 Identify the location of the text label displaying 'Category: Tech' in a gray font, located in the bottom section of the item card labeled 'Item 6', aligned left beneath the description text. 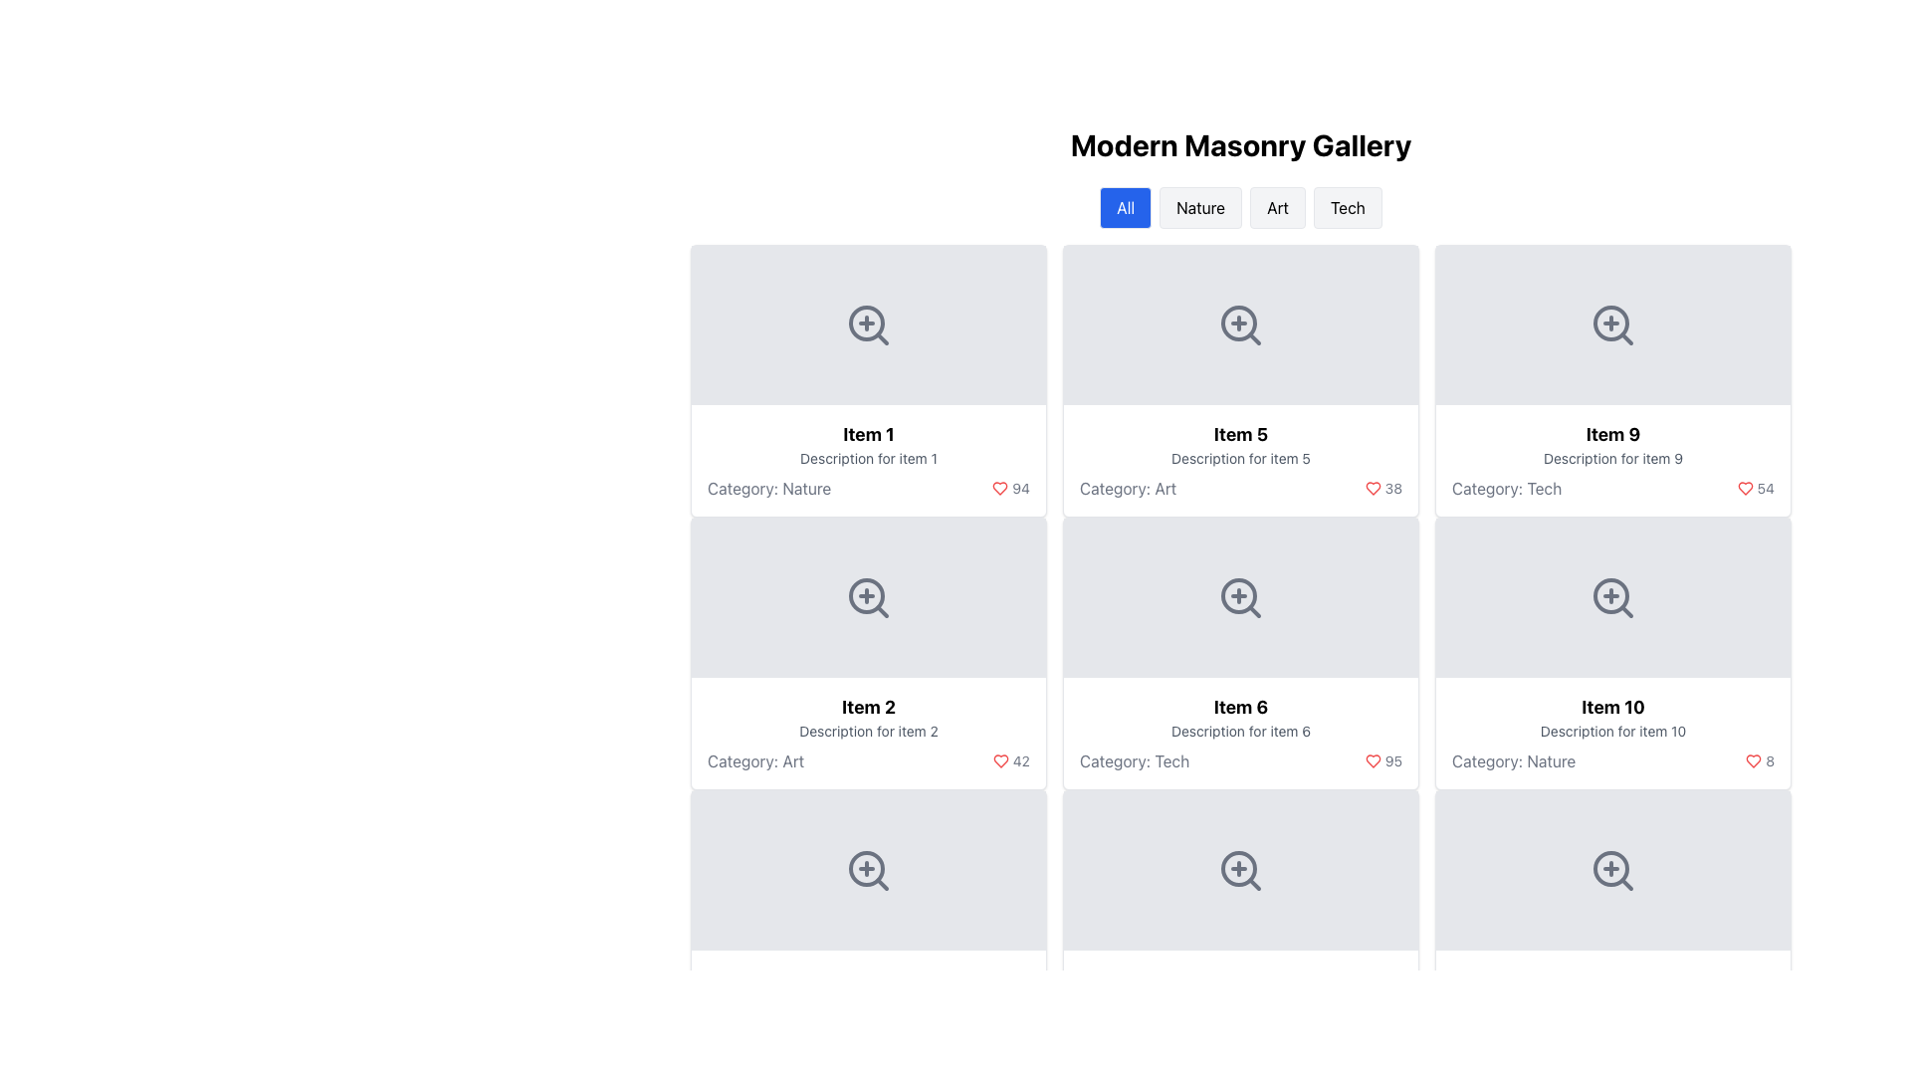
(1135, 760).